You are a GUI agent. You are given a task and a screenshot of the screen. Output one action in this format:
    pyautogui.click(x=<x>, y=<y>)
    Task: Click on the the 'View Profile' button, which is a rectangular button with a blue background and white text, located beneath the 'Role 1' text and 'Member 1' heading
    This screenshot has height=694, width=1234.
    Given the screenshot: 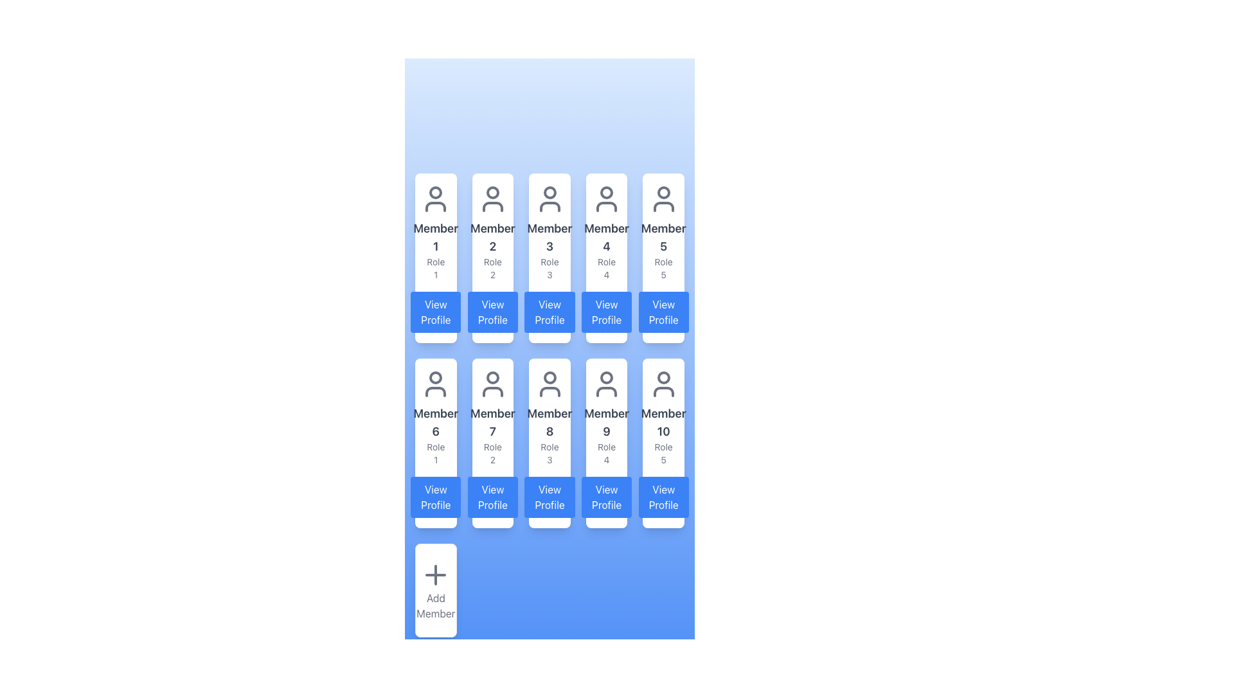 What is the action you would take?
    pyautogui.click(x=436, y=312)
    